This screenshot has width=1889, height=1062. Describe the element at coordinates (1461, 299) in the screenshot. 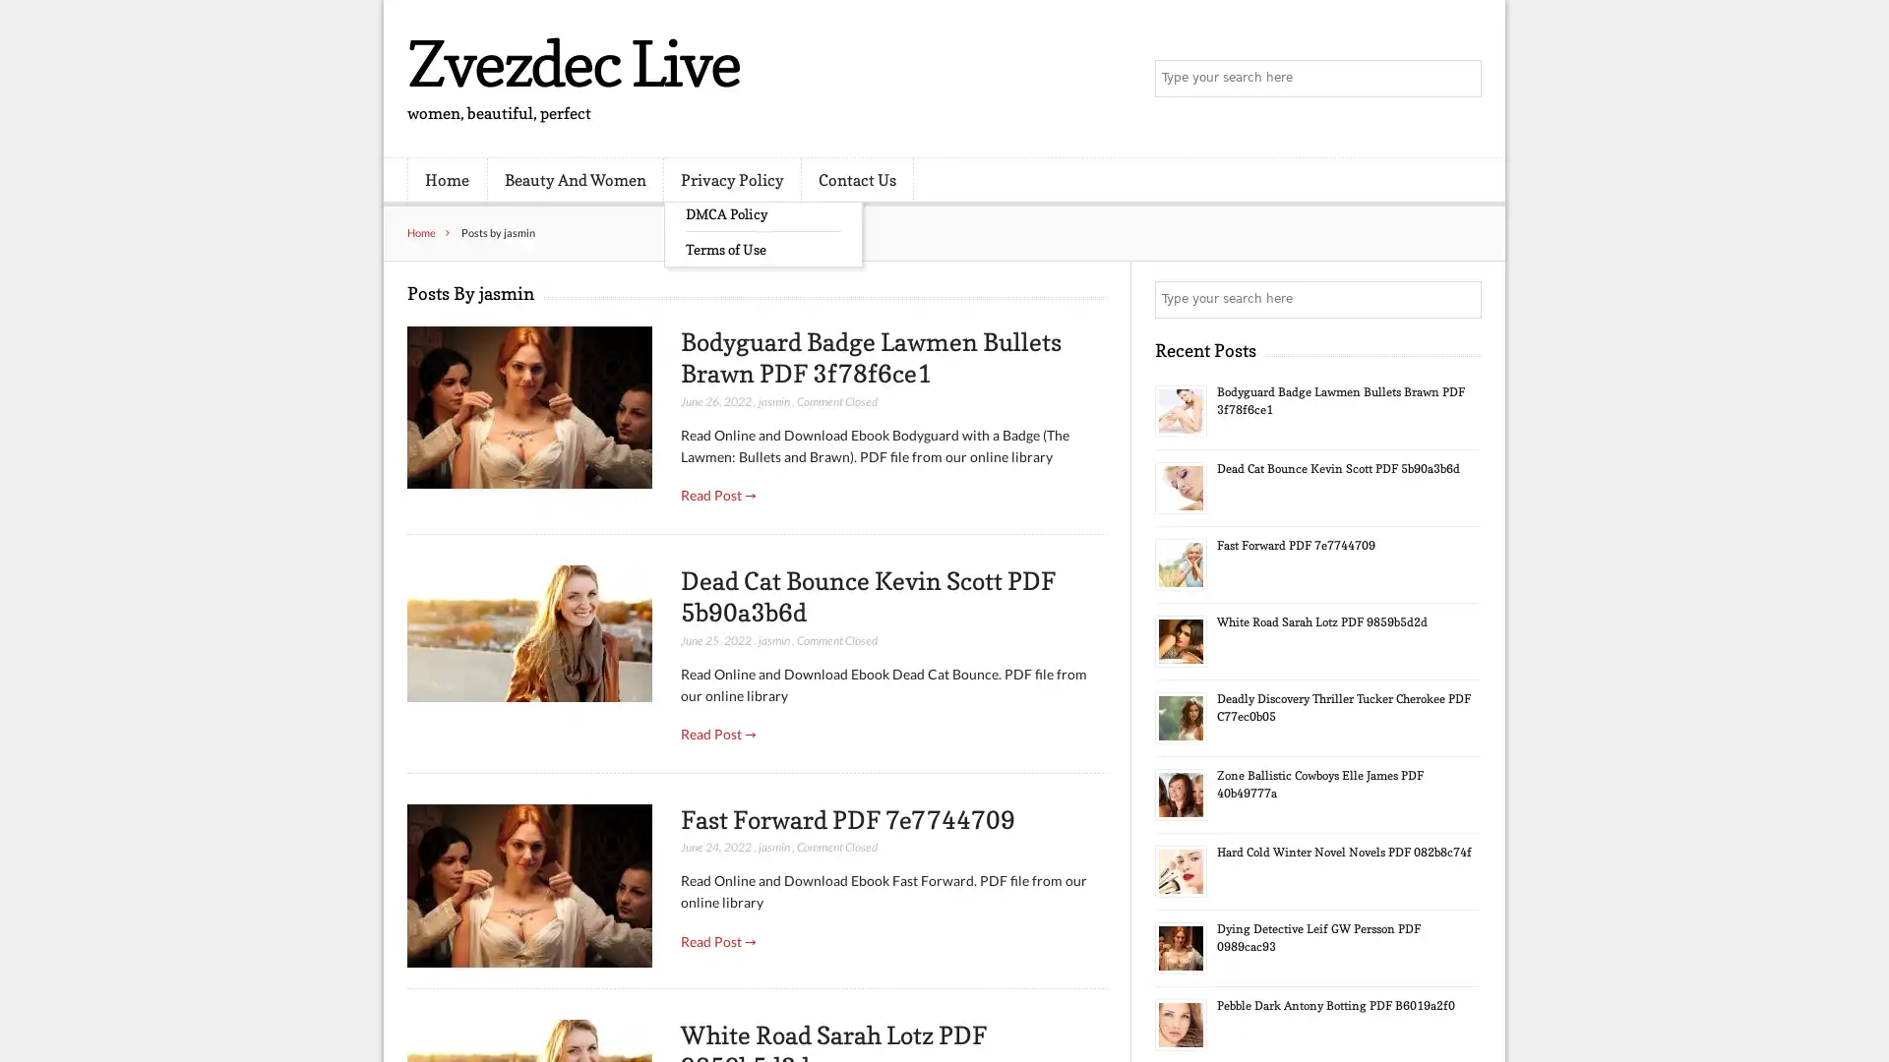

I see `Search` at that location.